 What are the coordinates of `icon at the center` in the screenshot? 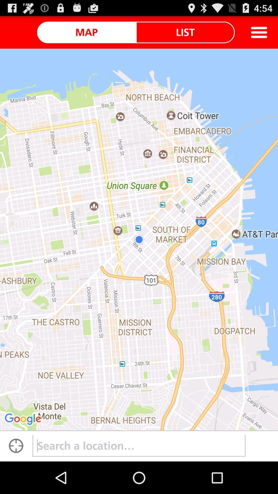 It's located at (139, 239).